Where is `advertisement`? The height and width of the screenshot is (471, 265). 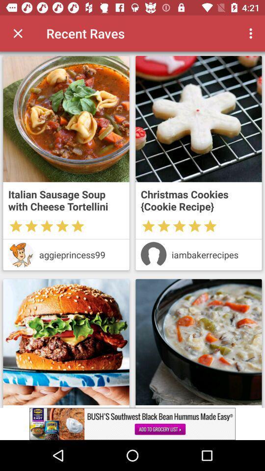
advertisement is located at coordinates (199, 342).